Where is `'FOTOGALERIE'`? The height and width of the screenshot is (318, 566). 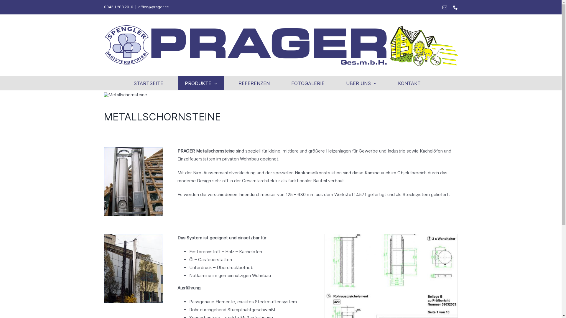
'FOTOGALERIE' is located at coordinates (307, 83).